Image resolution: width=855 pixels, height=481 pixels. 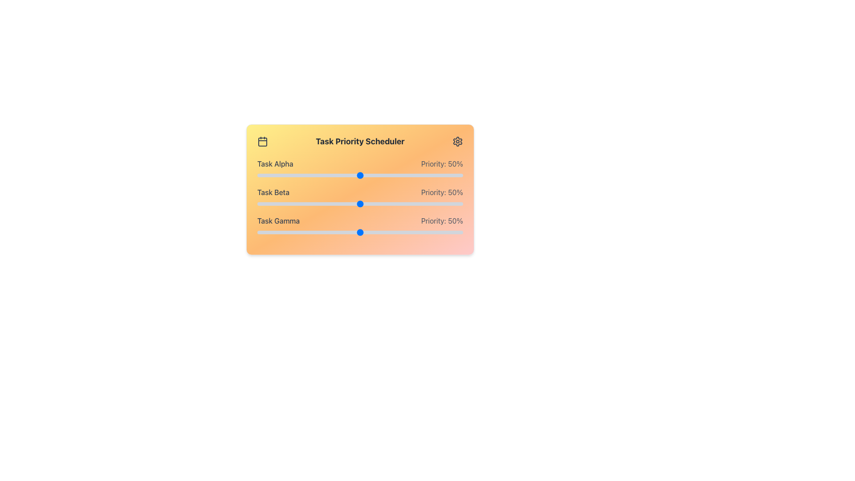 What do you see at coordinates (405, 232) in the screenshot?
I see `the priority of Task Gamma` at bounding box center [405, 232].